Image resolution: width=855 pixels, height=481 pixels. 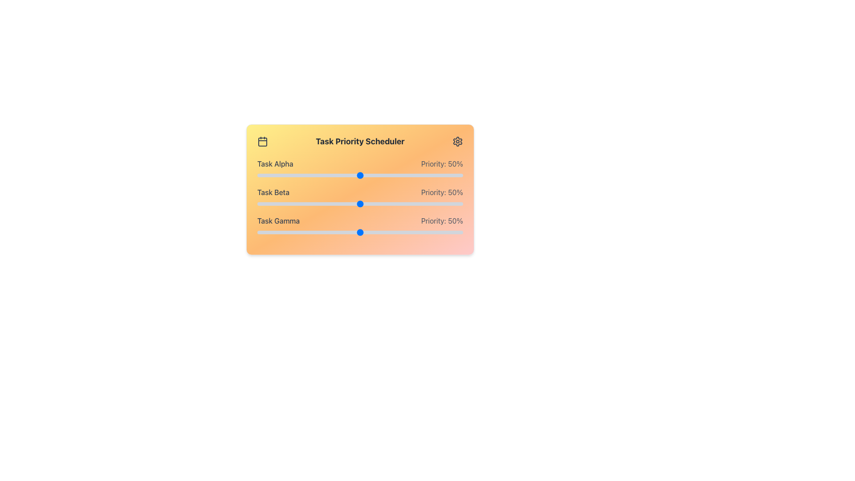 What do you see at coordinates (405, 232) in the screenshot?
I see `the priority of Task Gamma` at bounding box center [405, 232].